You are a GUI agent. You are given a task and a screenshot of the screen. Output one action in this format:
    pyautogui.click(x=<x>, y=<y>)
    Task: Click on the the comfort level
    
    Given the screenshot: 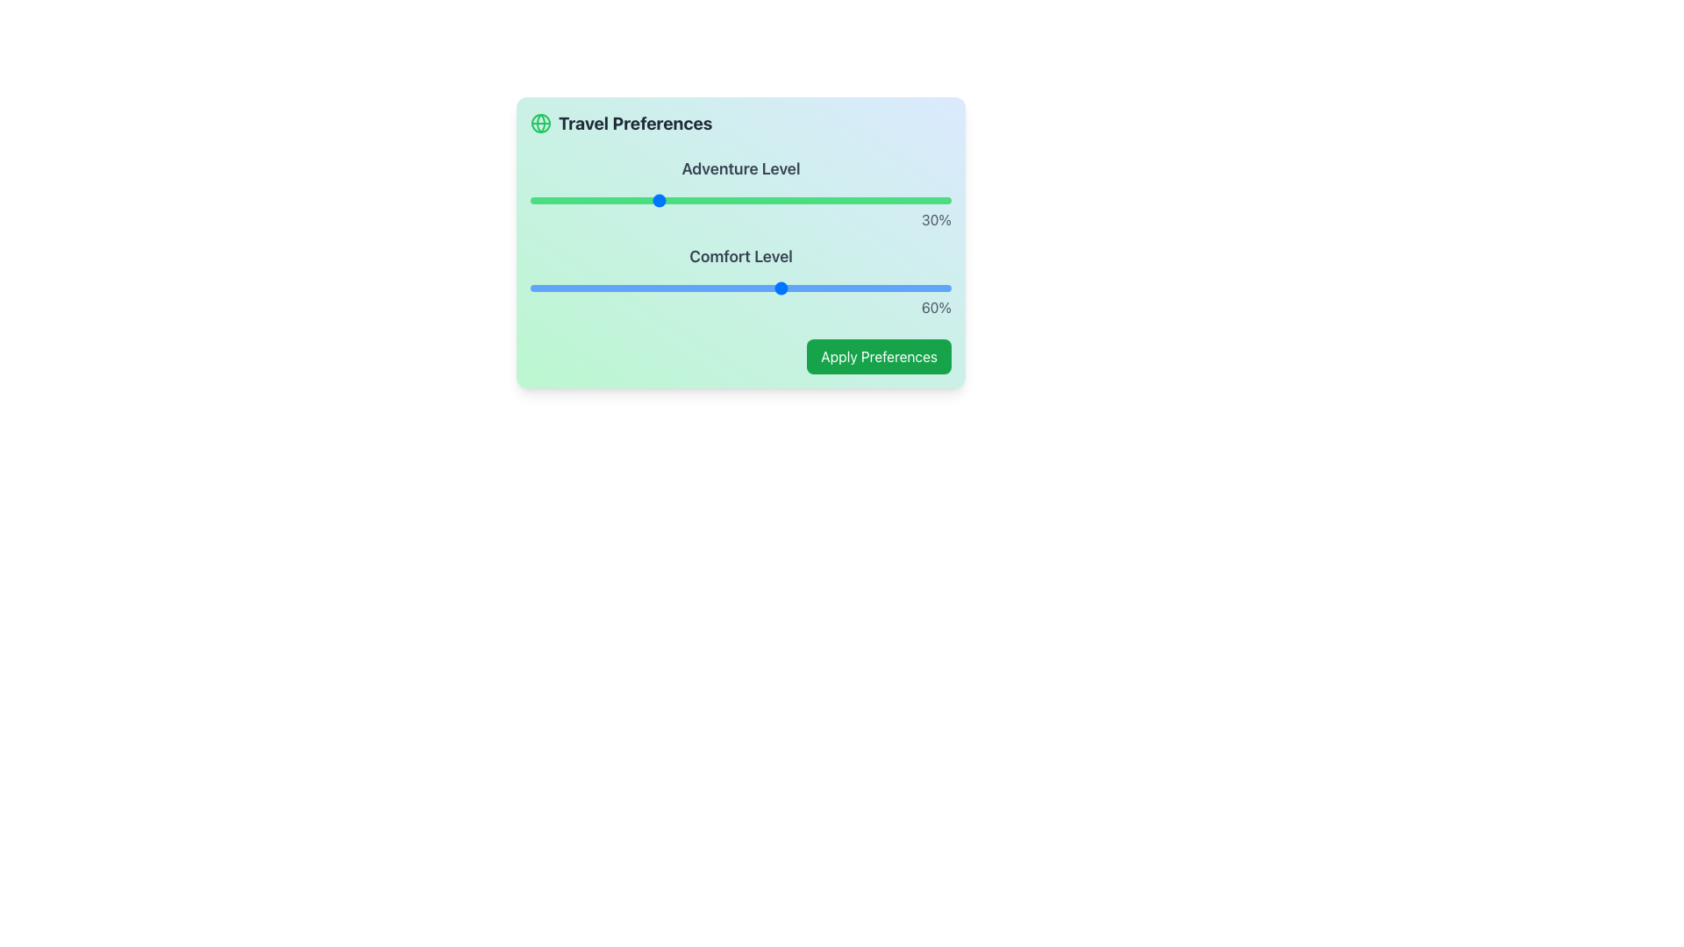 What is the action you would take?
    pyautogui.click(x=828, y=287)
    